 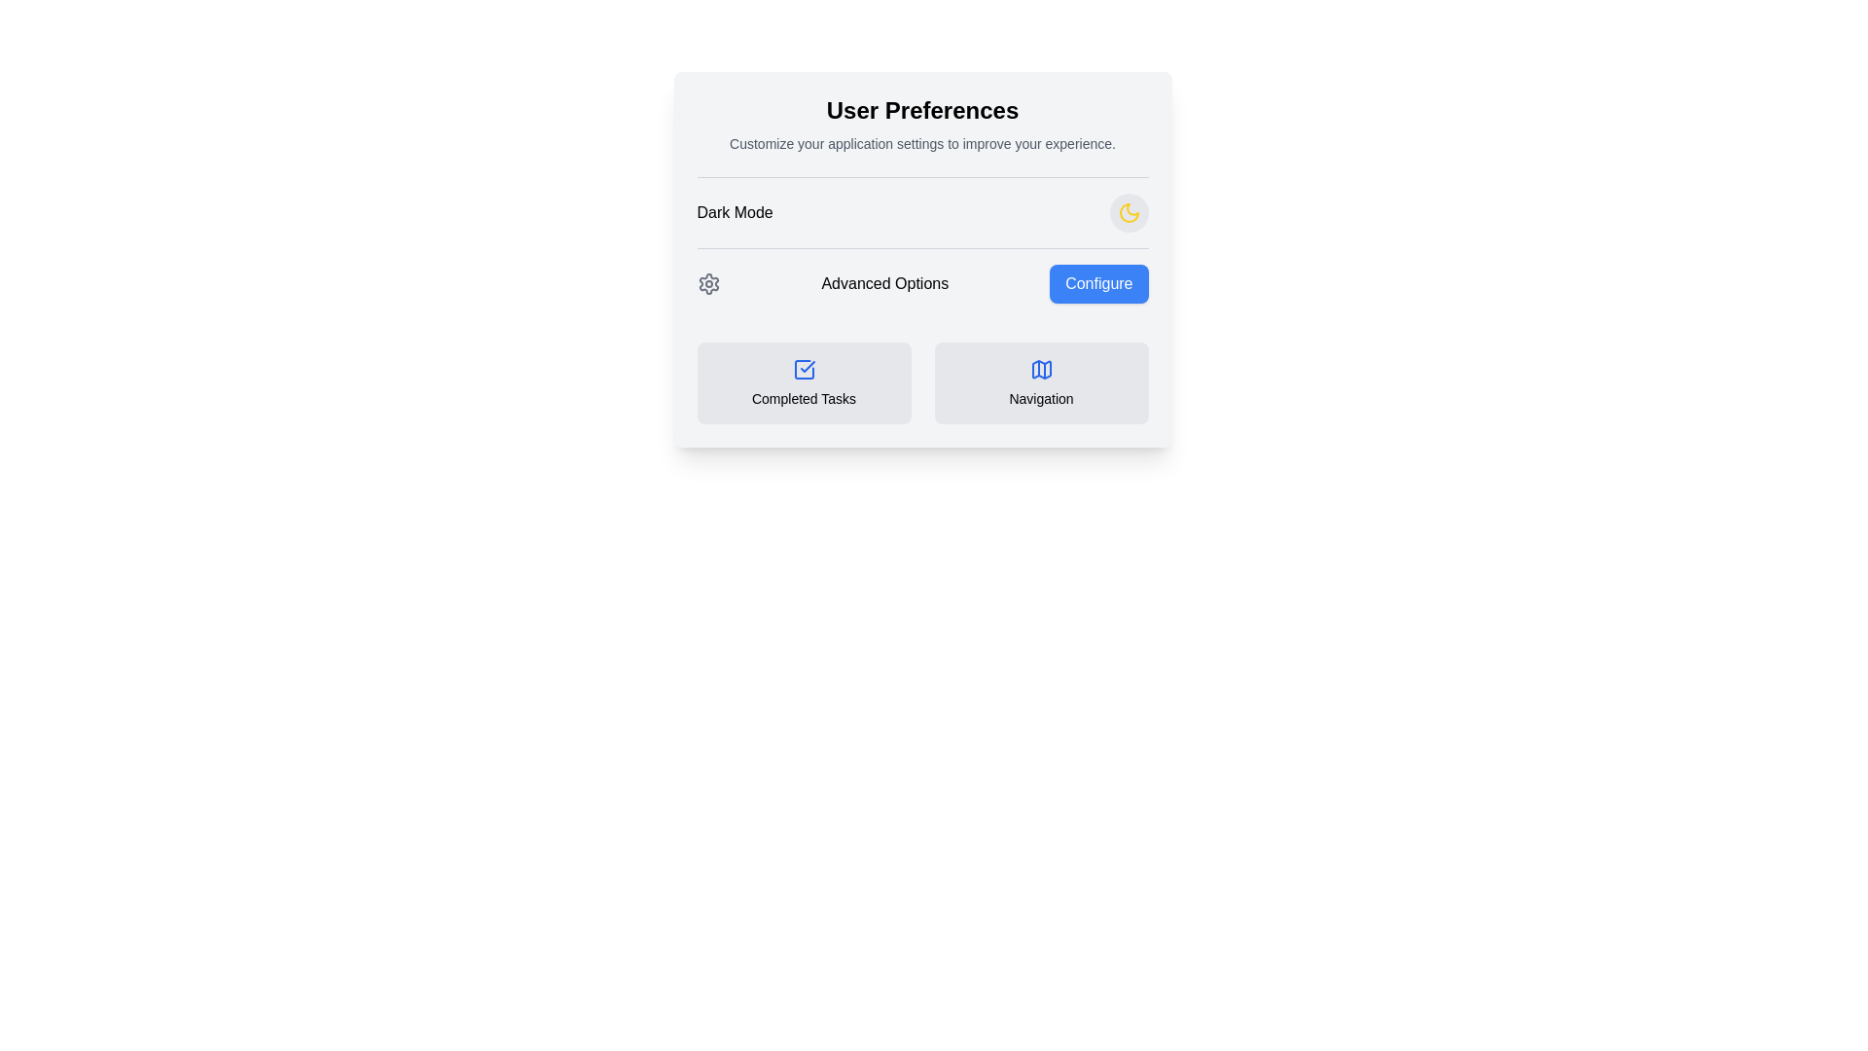 I want to click on text content of the label displaying the phrase 'Customize your application settings to improve your experience.' located centrally below the 'User Preferences' title, so click(x=921, y=142).